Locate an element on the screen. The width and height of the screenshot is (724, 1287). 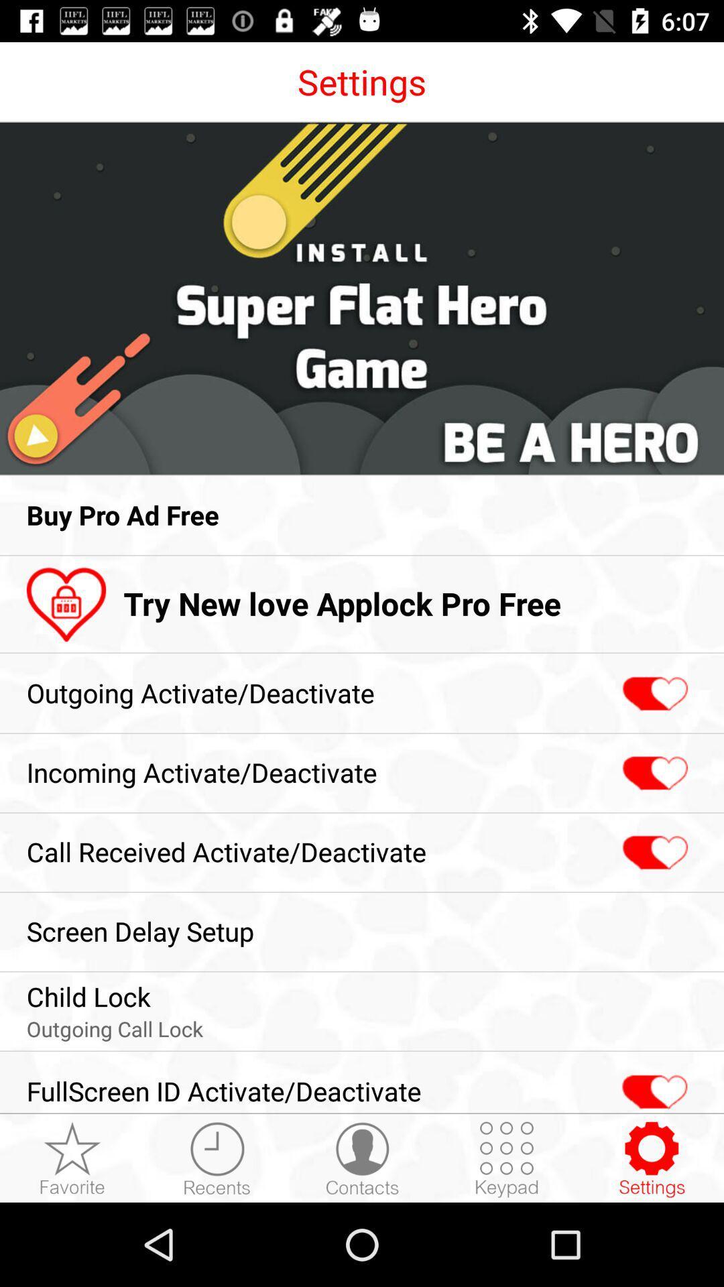
the settings icon is located at coordinates (651, 1158).